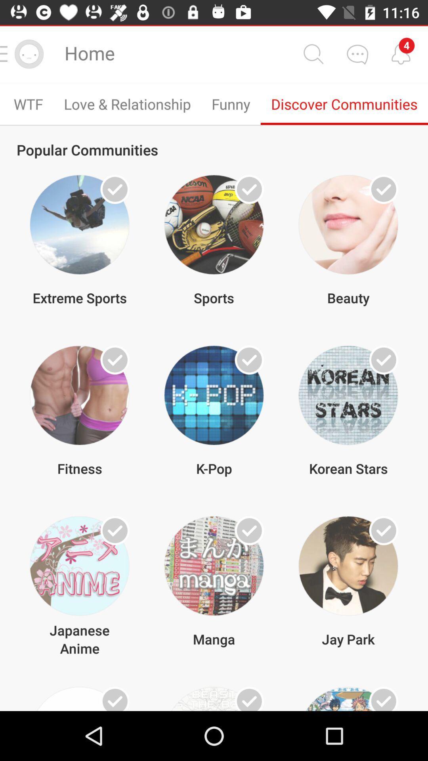  What do you see at coordinates (383, 699) in the screenshot?
I see `check interest box` at bounding box center [383, 699].